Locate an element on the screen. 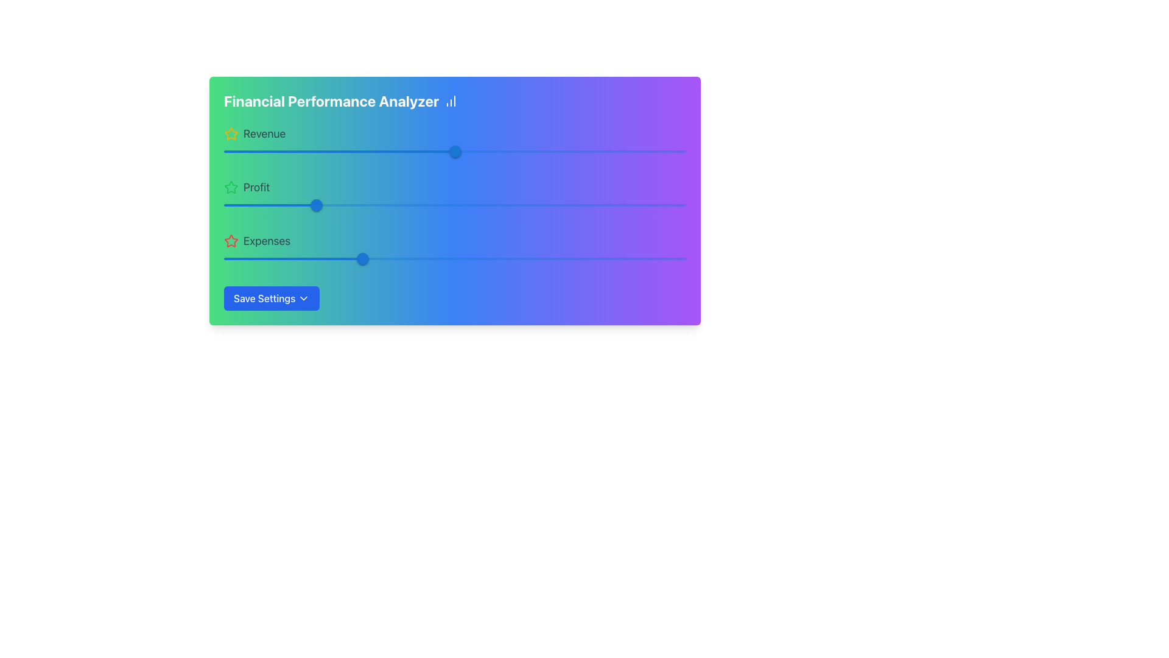 The height and width of the screenshot is (658, 1169). the Expenses slider is located at coordinates (293, 258).